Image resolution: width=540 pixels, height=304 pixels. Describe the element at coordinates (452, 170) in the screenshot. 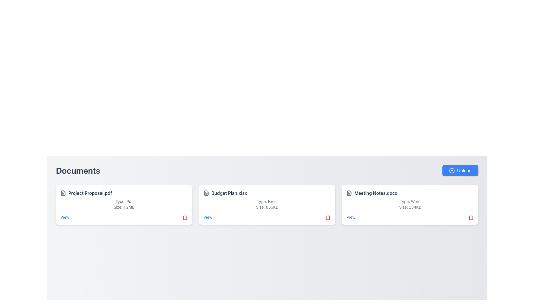

I see `the circular icon with a plus sign, which is part of the blue 'Upload' button` at that location.